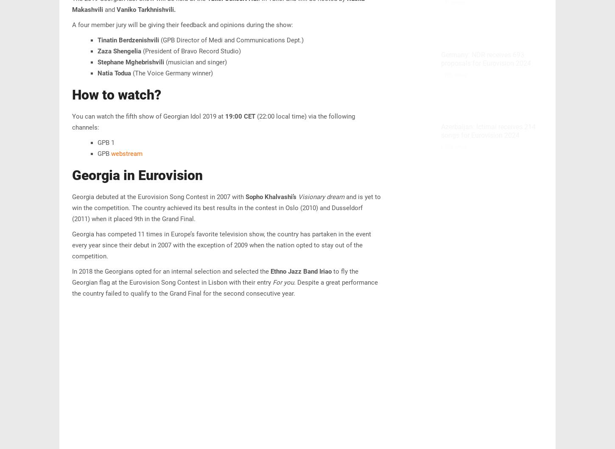 This screenshot has height=449, width=615. I want to click on 'Ethno Jazz Band Iriao', so click(270, 271).